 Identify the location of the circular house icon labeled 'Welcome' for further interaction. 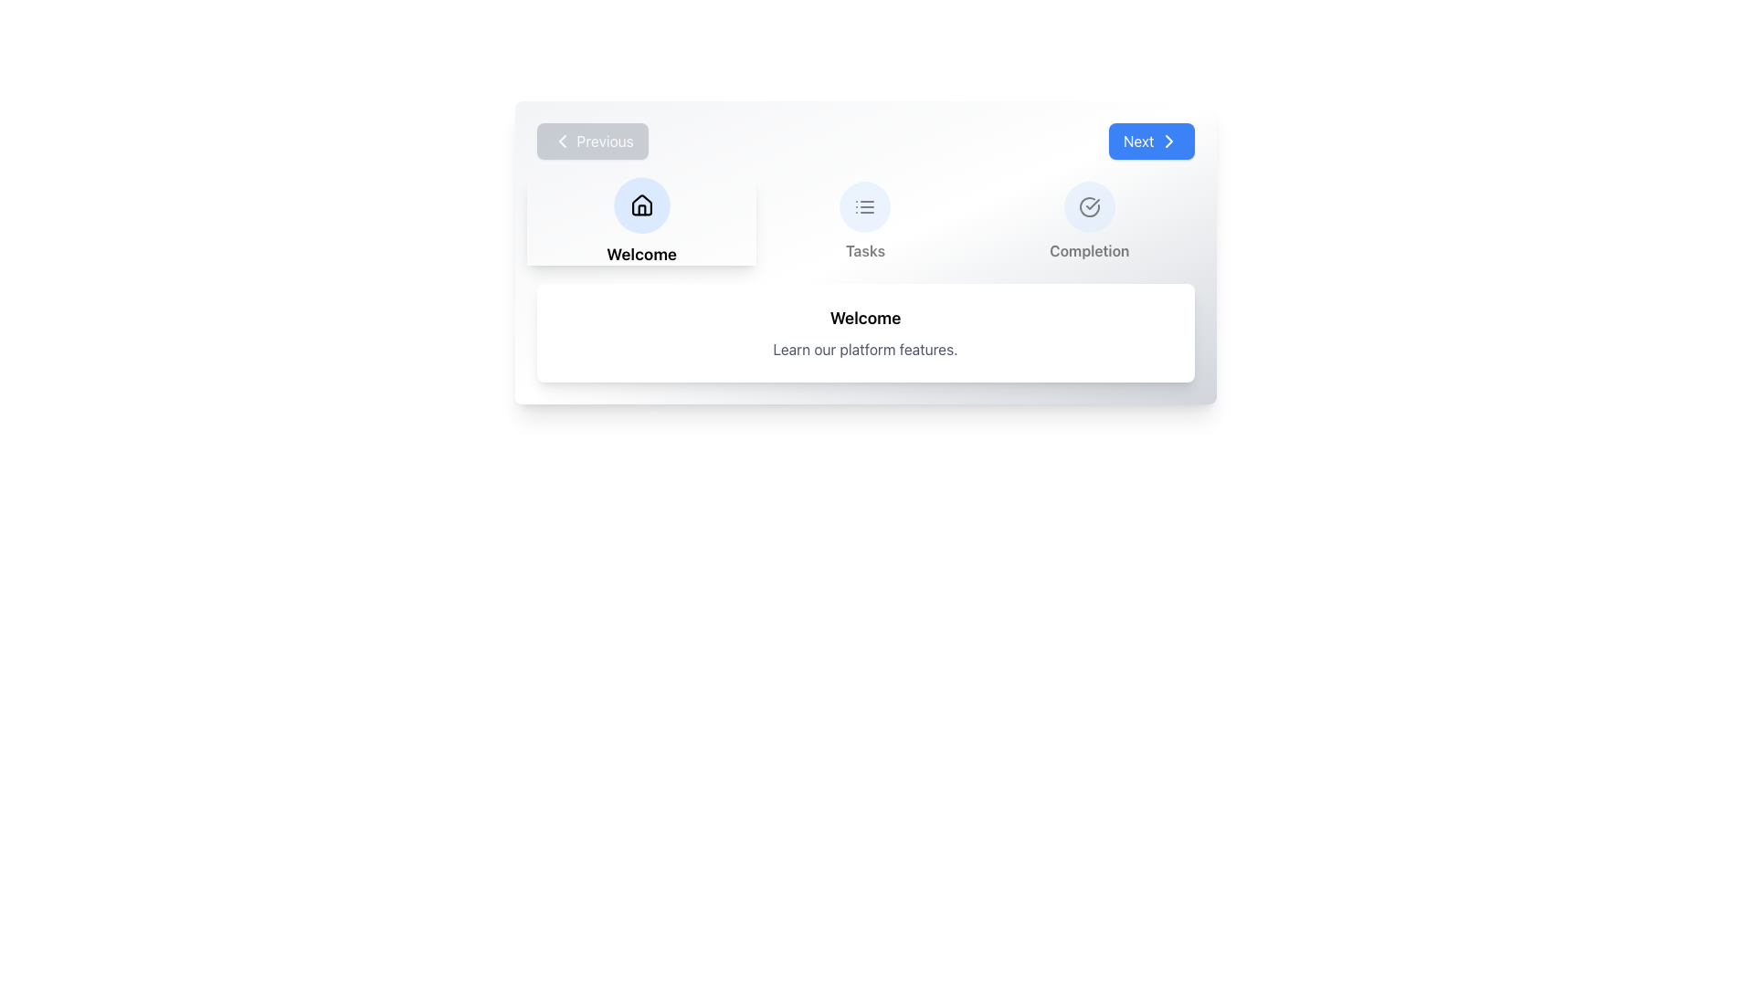
(640, 221).